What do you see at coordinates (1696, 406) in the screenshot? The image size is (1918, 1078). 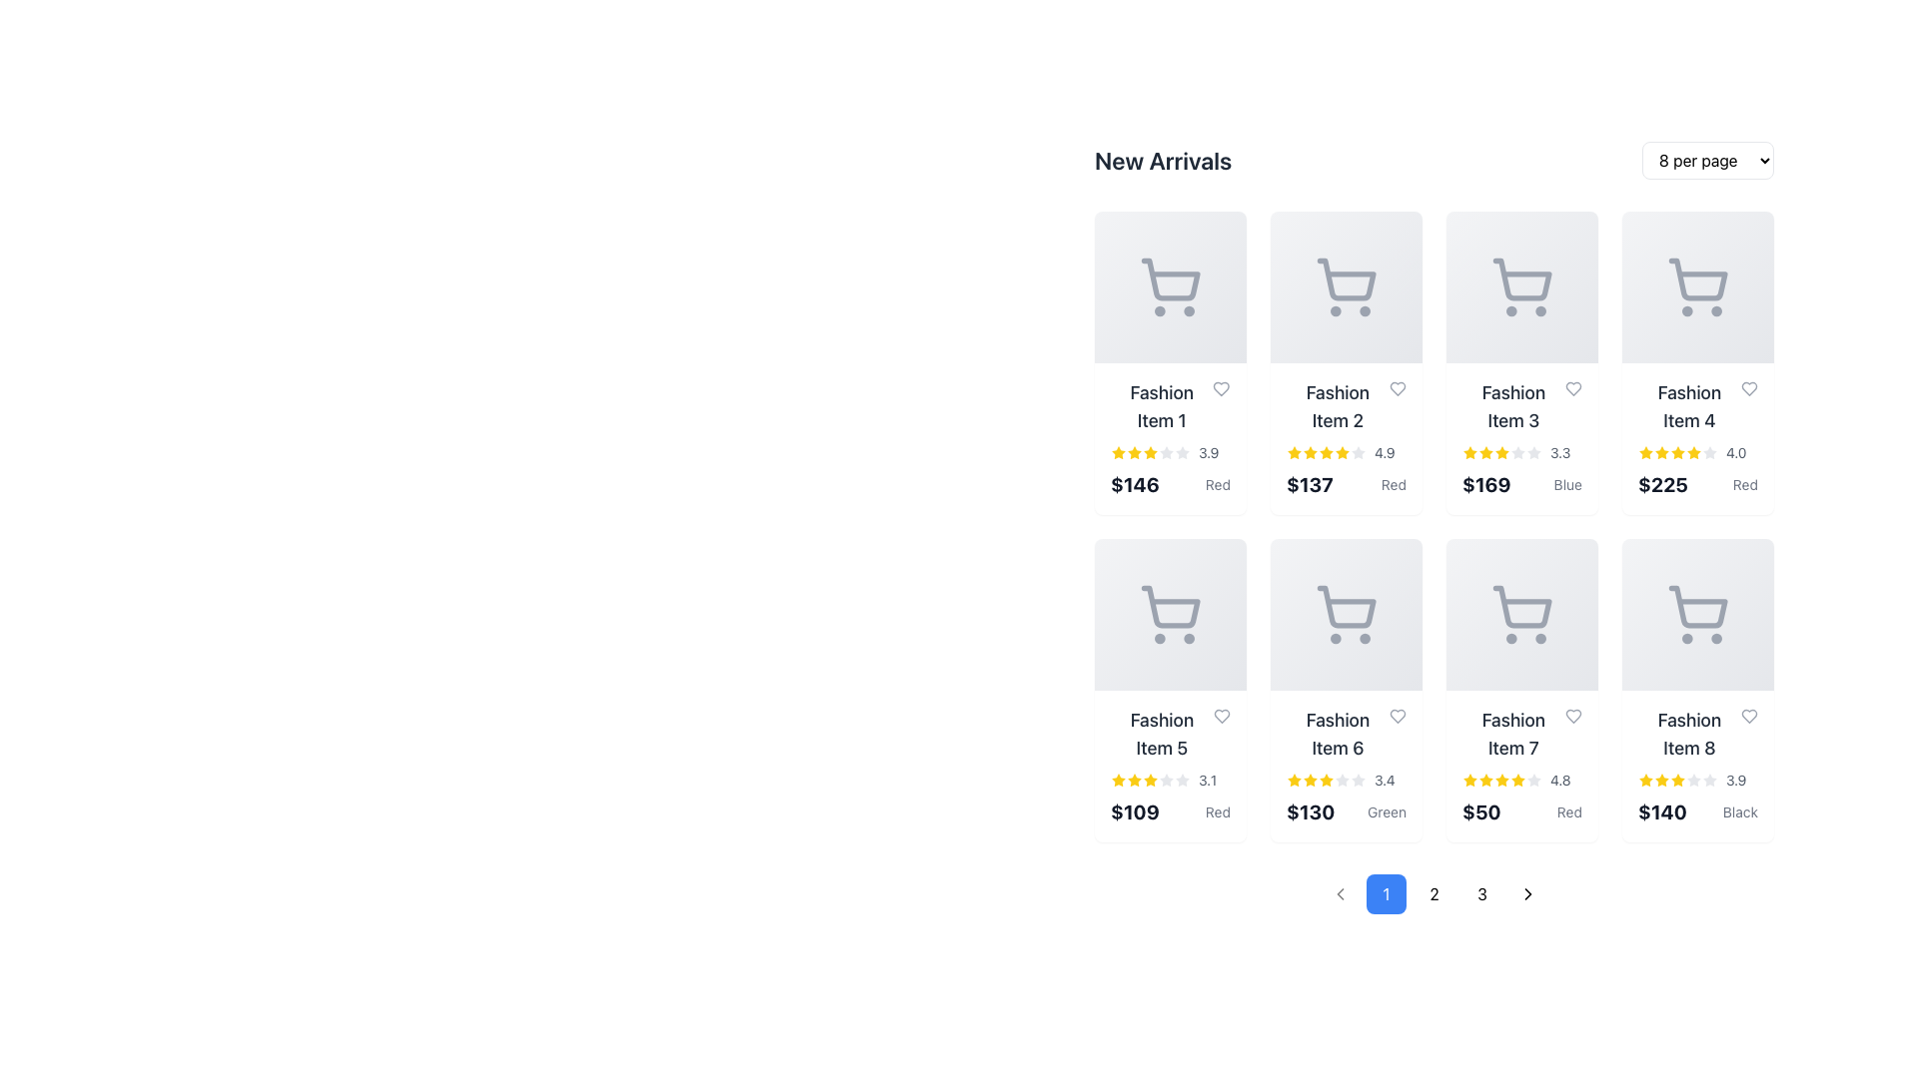 I see `static text label that displays 'Fashion Item 4', which is centrally positioned within a light gray card in the top row of a three-row grid layout` at bounding box center [1696, 406].